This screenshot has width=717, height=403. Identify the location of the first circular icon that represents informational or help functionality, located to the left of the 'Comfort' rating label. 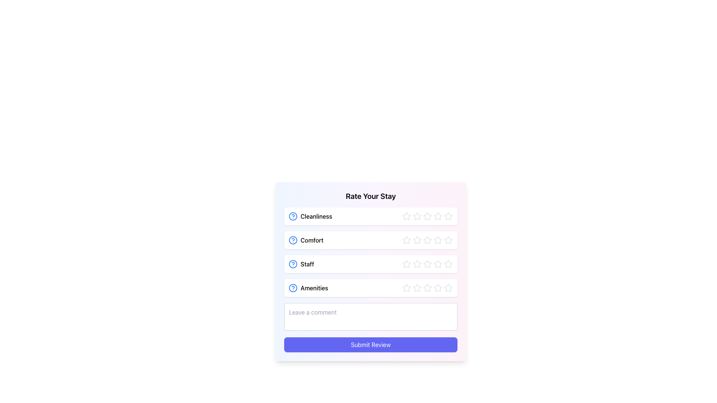
(293, 240).